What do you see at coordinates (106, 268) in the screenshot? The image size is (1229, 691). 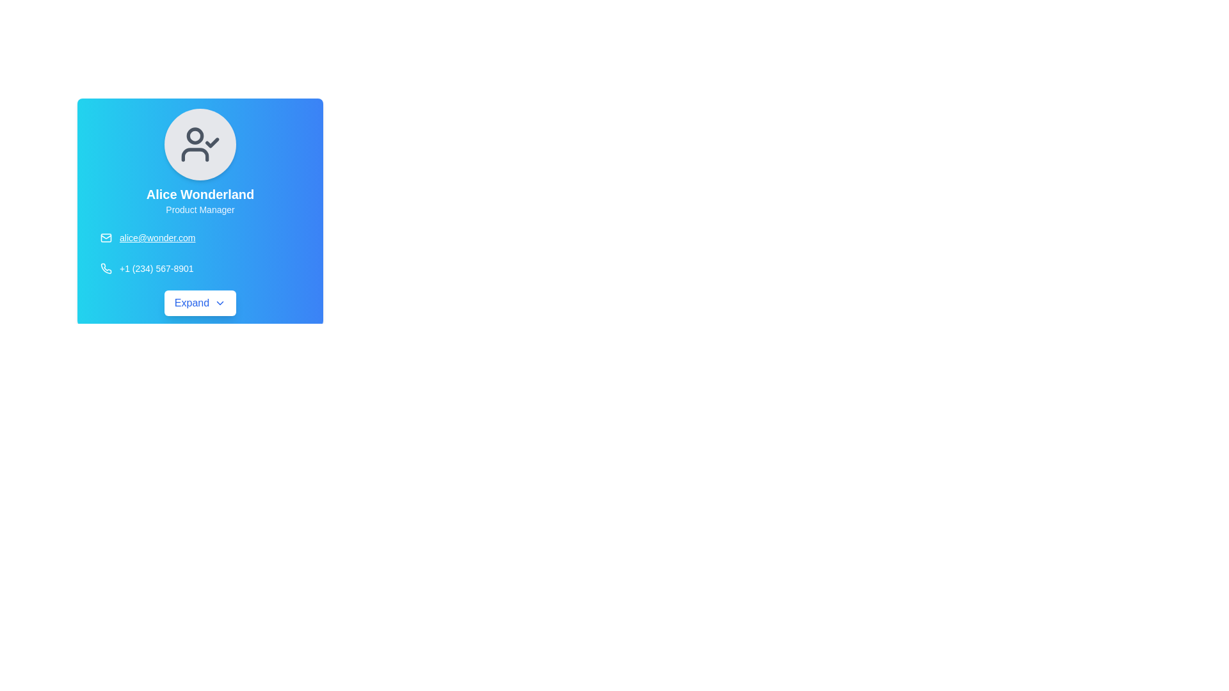 I see `the phone symbol icon, which is a stylized representation of a phone, located next to the phone number '+1 (234) 567-8901' in the contact information section` at bounding box center [106, 268].